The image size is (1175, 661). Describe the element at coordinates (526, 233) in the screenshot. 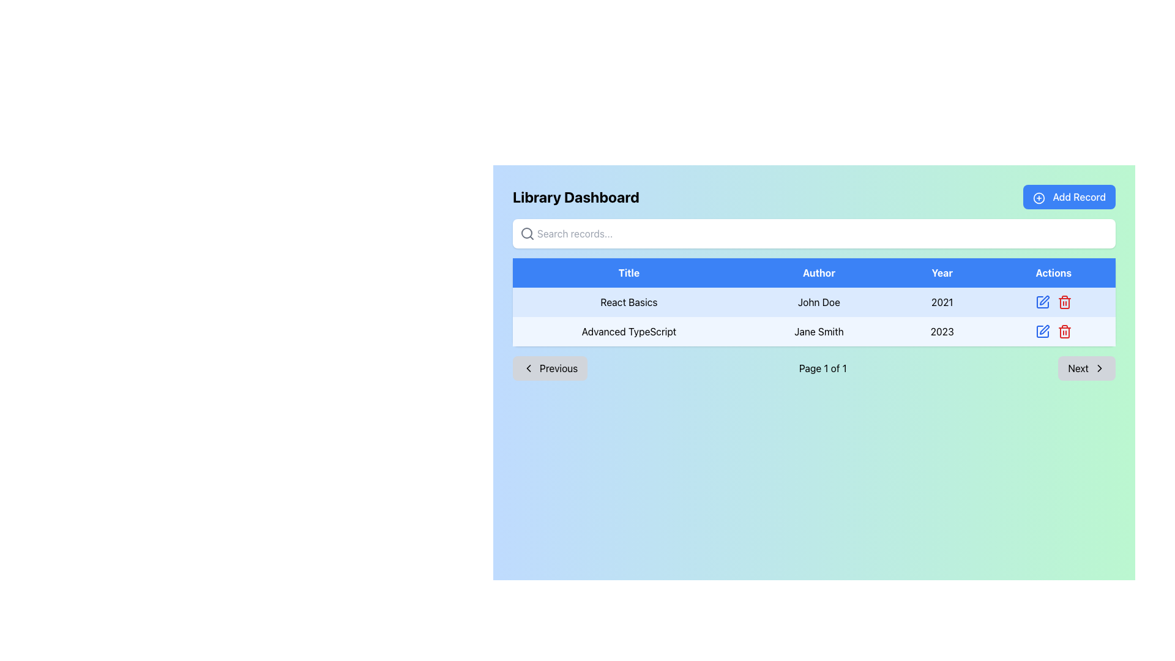

I see `the graphical circle that is part of the search icon, which symbolizes the lens section of the magnifying glass, located at the top-left of the user interface` at that location.